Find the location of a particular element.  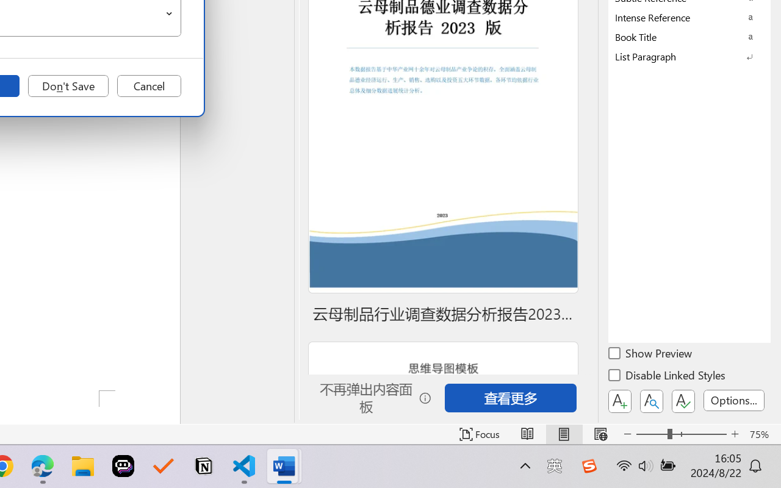

'Web Layout' is located at coordinates (600, 434).